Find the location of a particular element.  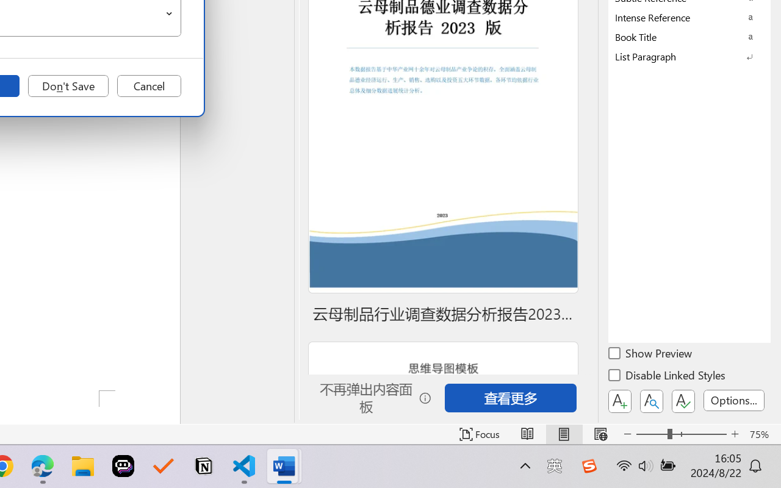

'Web Layout' is located at coordinates (600, 434).